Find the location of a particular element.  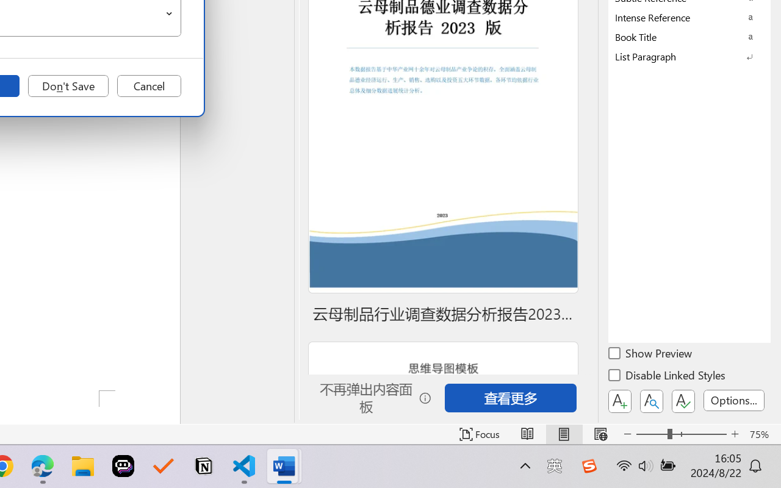

'Web Layout' is located at coordinates (600, 434).